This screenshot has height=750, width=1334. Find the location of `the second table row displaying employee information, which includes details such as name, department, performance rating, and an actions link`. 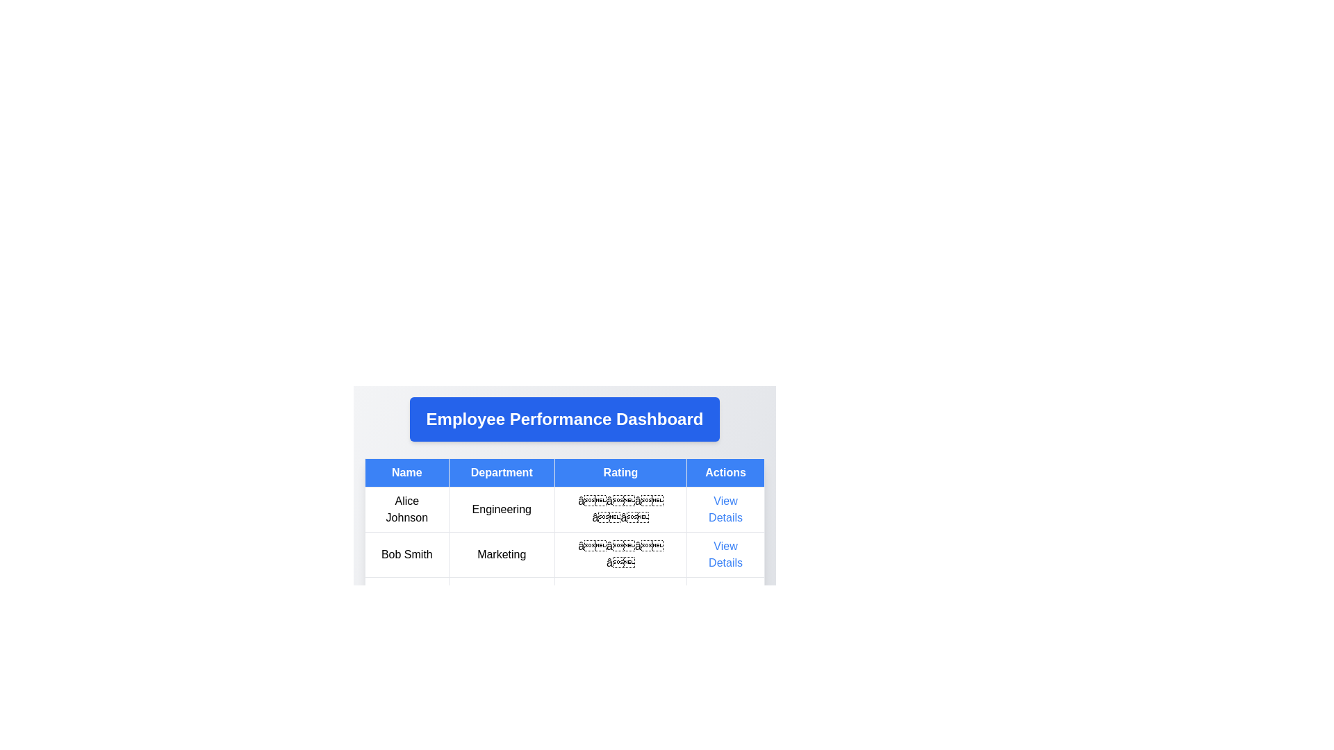

the second table row displaying employee information, which includes details such as name, department, performance rating, and an actions link is located at coordinates (564, 553).